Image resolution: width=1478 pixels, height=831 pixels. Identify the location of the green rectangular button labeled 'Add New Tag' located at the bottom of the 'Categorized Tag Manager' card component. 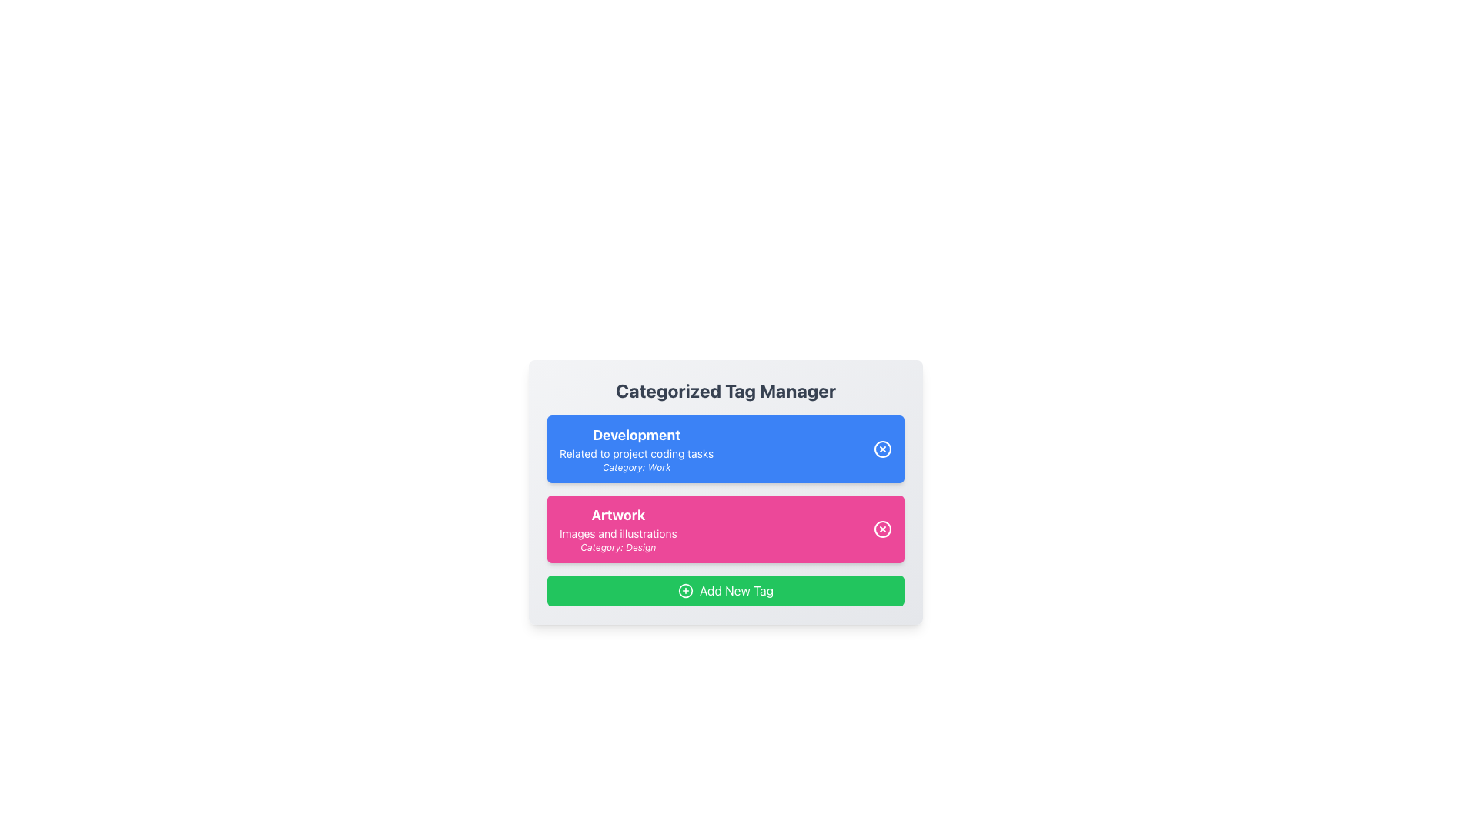
(724, 589).